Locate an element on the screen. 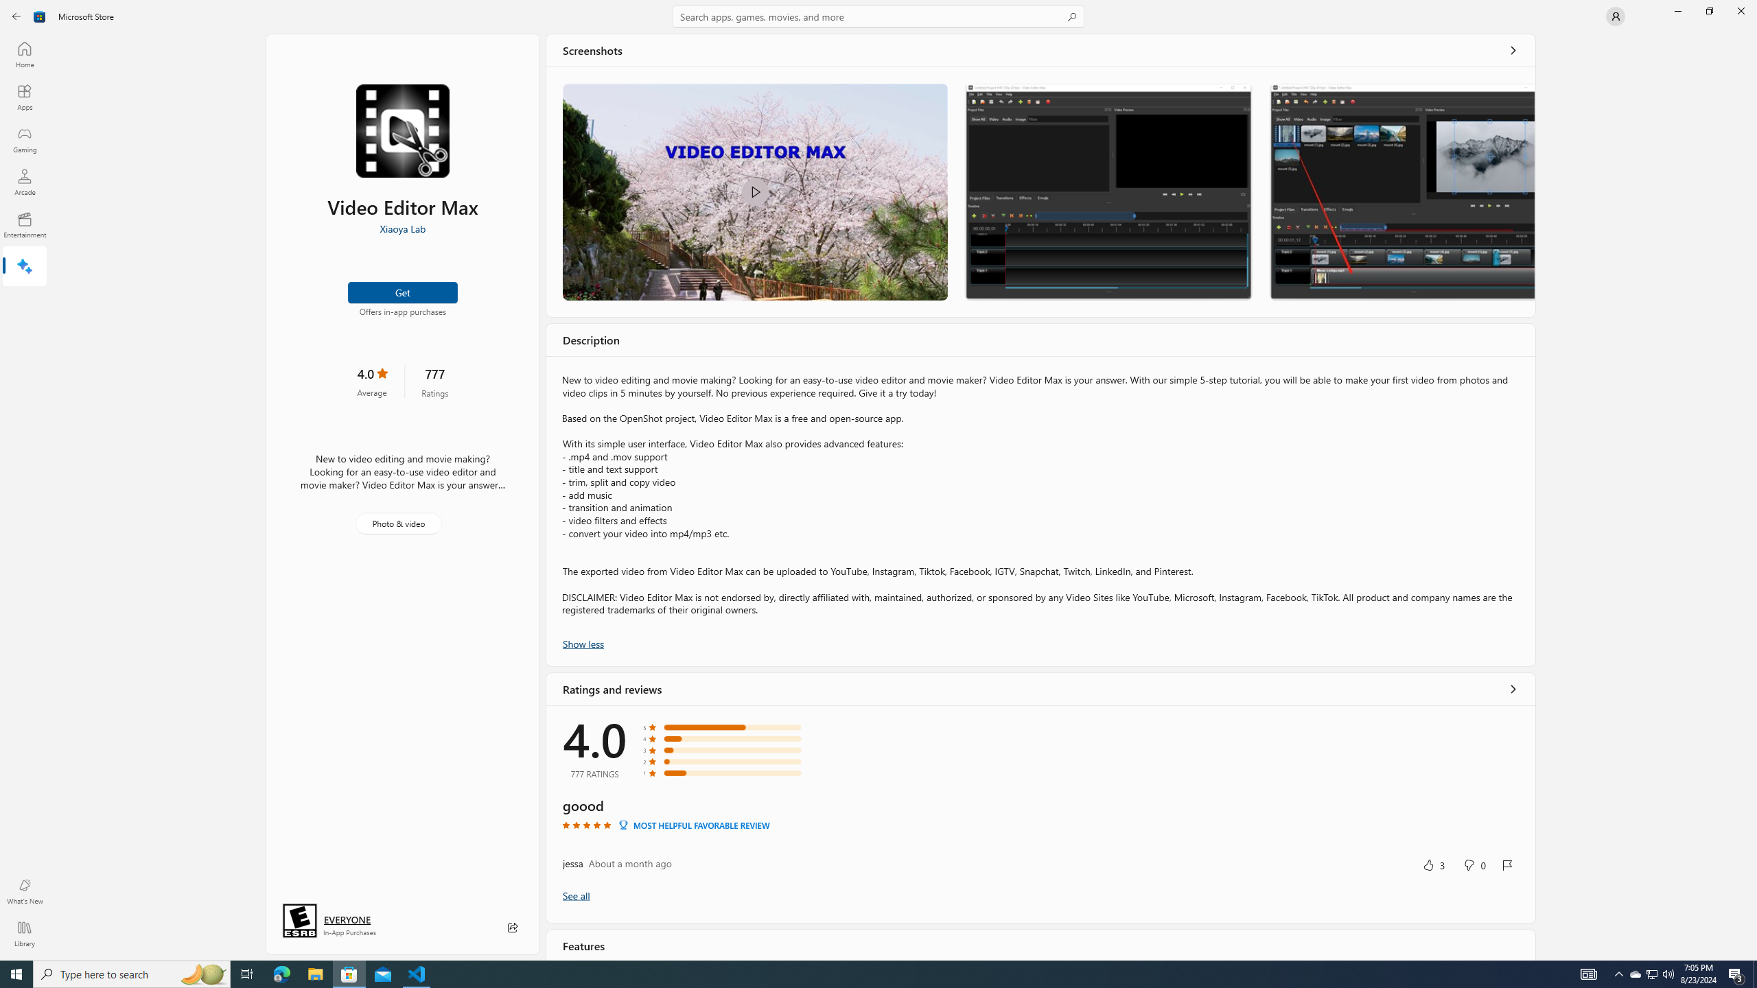 This screenshot has width=1757, height=988. 'Screenshot 3' is located at coordinates (1401, 191).